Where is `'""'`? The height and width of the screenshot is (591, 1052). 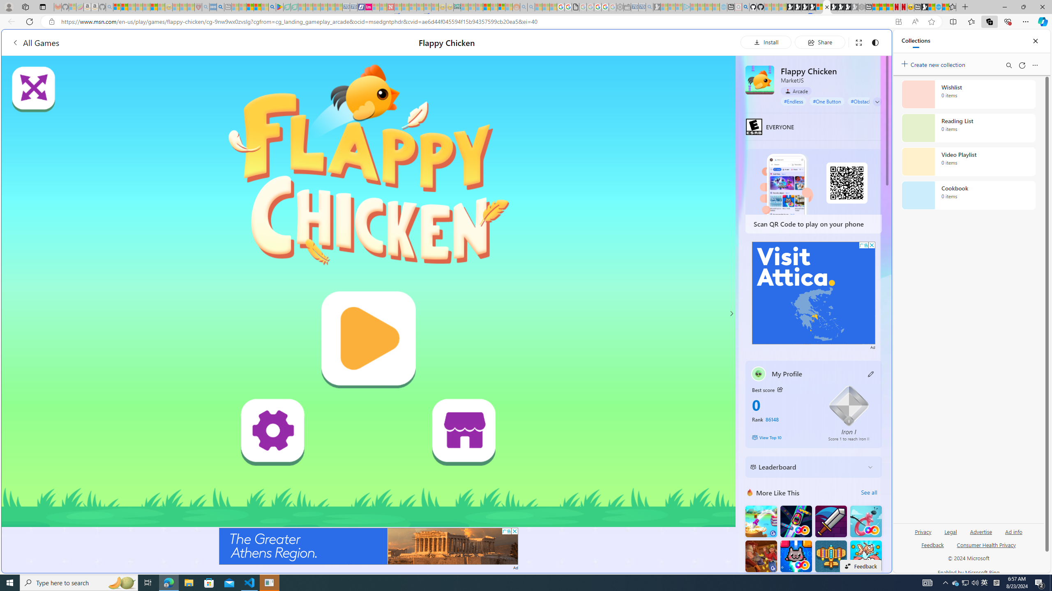
'""' is located at coordinates (758, 374).